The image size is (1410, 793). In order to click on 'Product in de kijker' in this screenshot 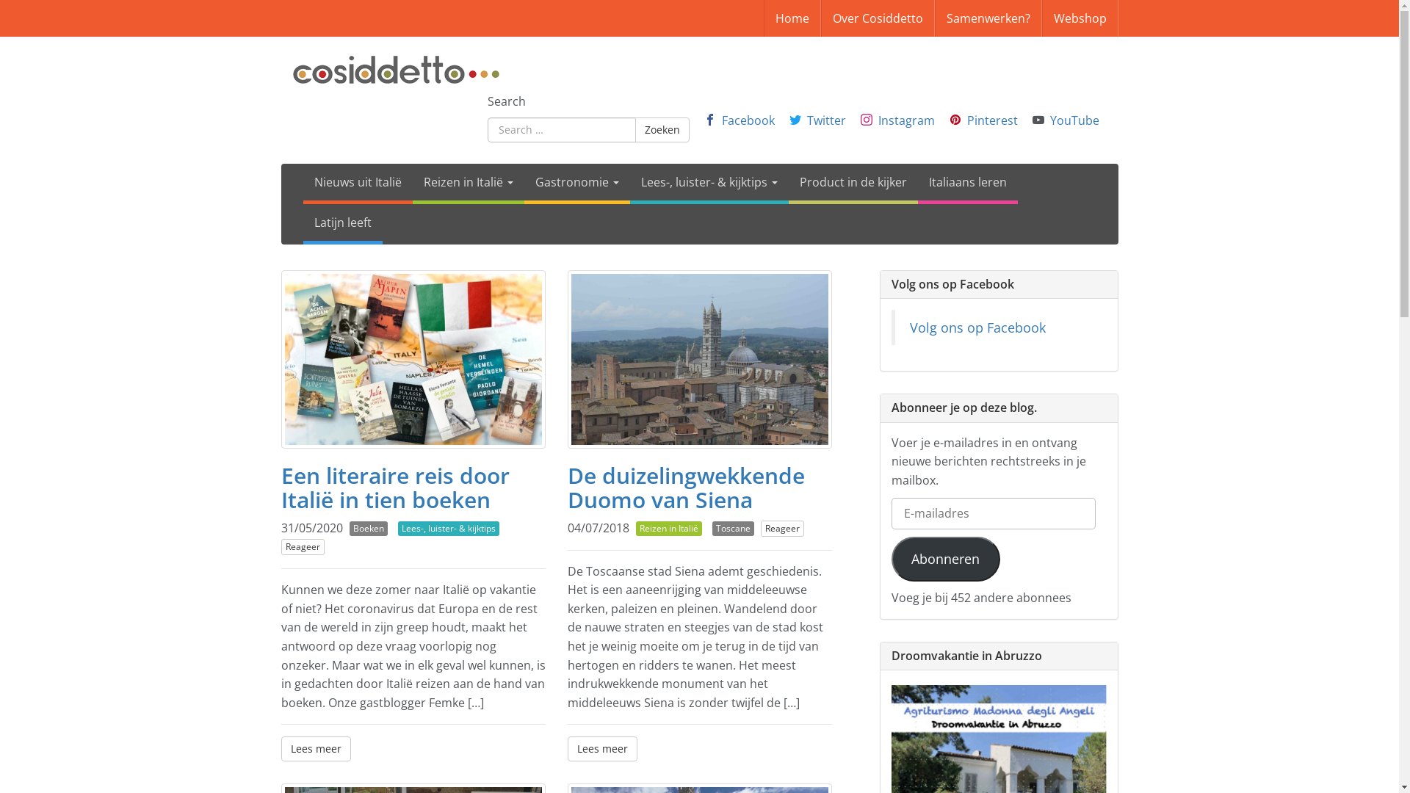, I will do `click(853, 183)`.